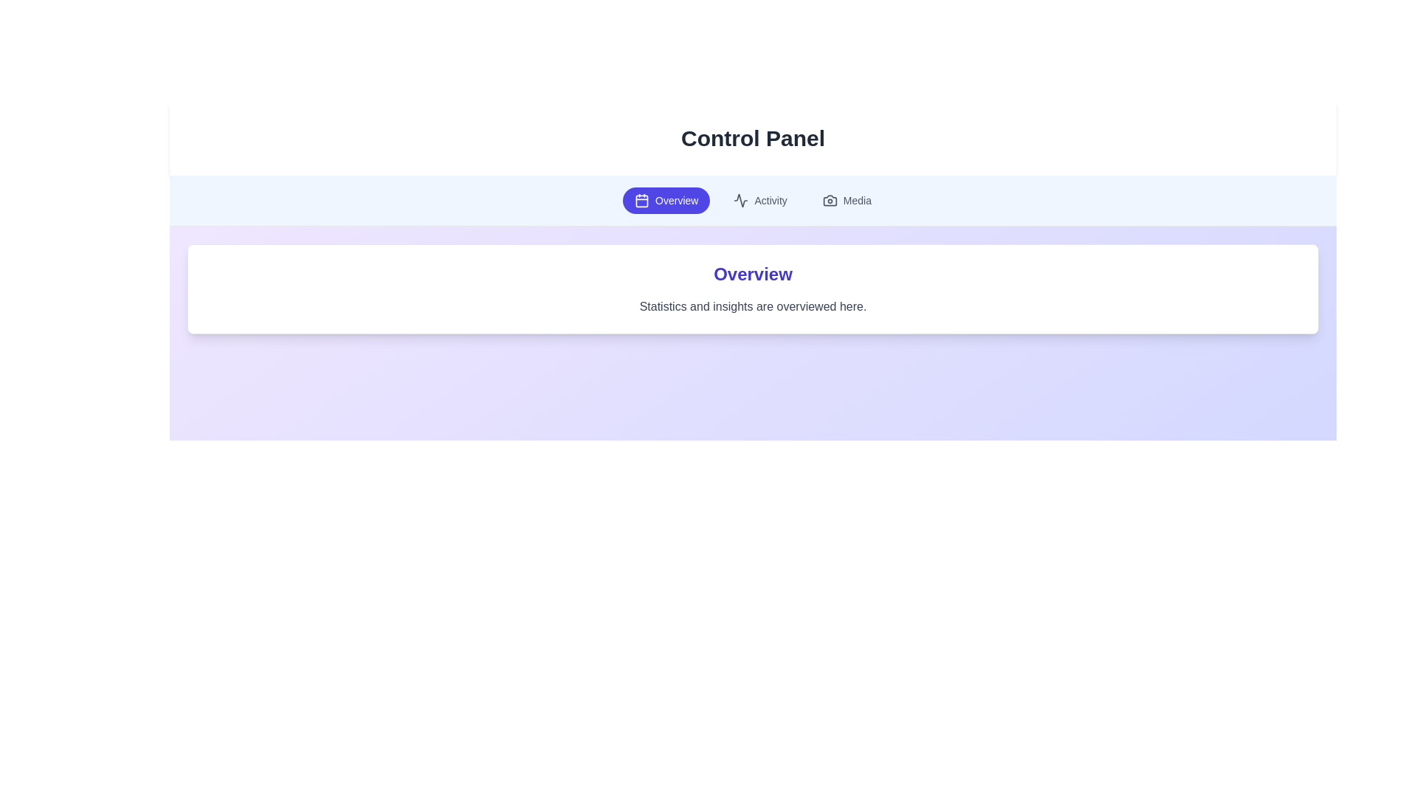 The image size is (1417, 797). I want to click on the 'Media' button icon in the navigation bar, which is the third option and is located between the 'Overview' and 'Activity' buttons, with a text label 'Media' to the right, so click(830, 201).